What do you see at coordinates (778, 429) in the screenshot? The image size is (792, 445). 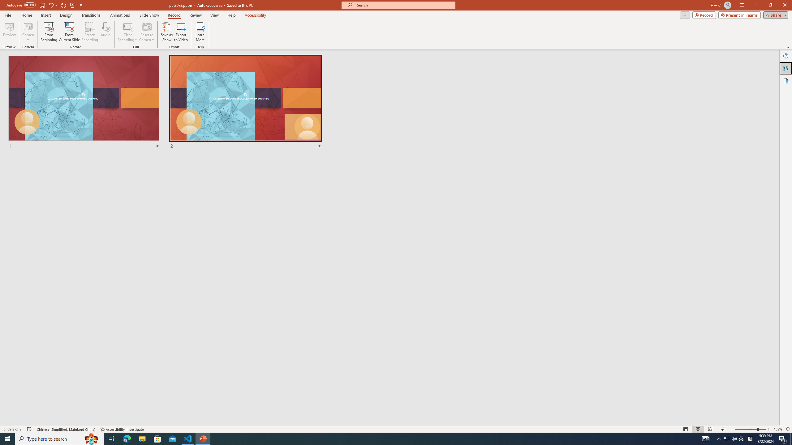 I see `'Zoom 152%'` at bounding box center [778, 429].